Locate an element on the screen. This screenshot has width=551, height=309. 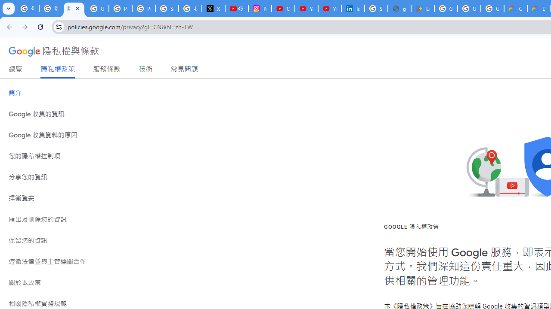
'Customer Care | Google Cloud' is located at coordinates (516, 9).